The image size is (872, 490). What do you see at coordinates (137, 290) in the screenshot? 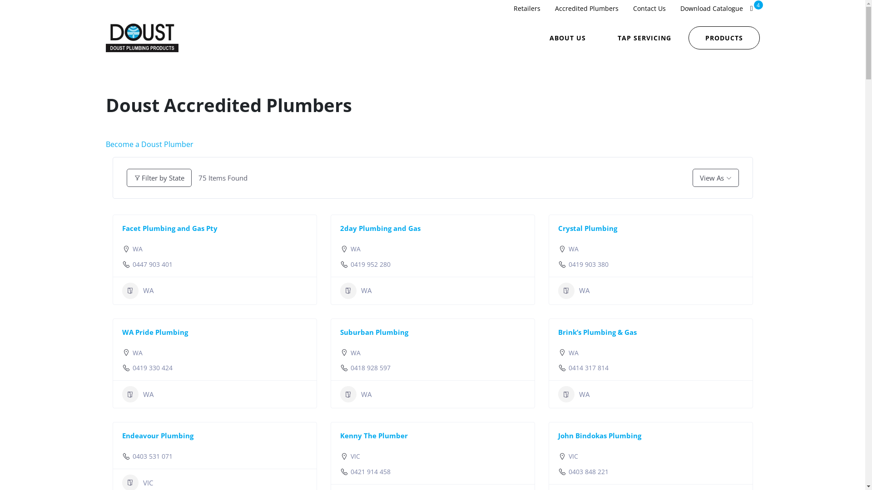
I see `'WA'` at bounding box center [137, 290].